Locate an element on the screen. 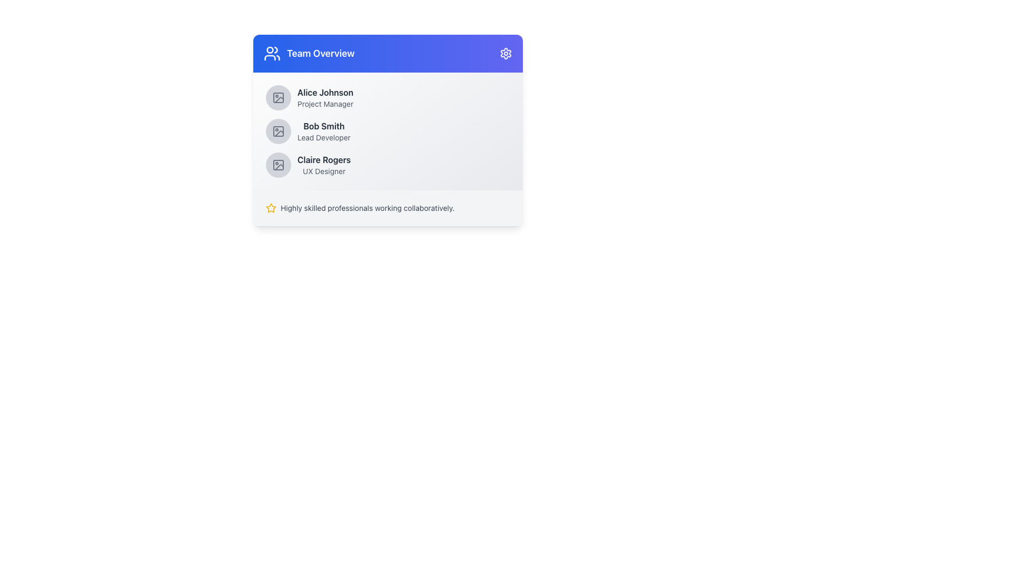  text displayed in the Text Label showing 'Bob Smith' and 'Lead Developer', which is the second item in the team members list is located at coordinates (323, 131).